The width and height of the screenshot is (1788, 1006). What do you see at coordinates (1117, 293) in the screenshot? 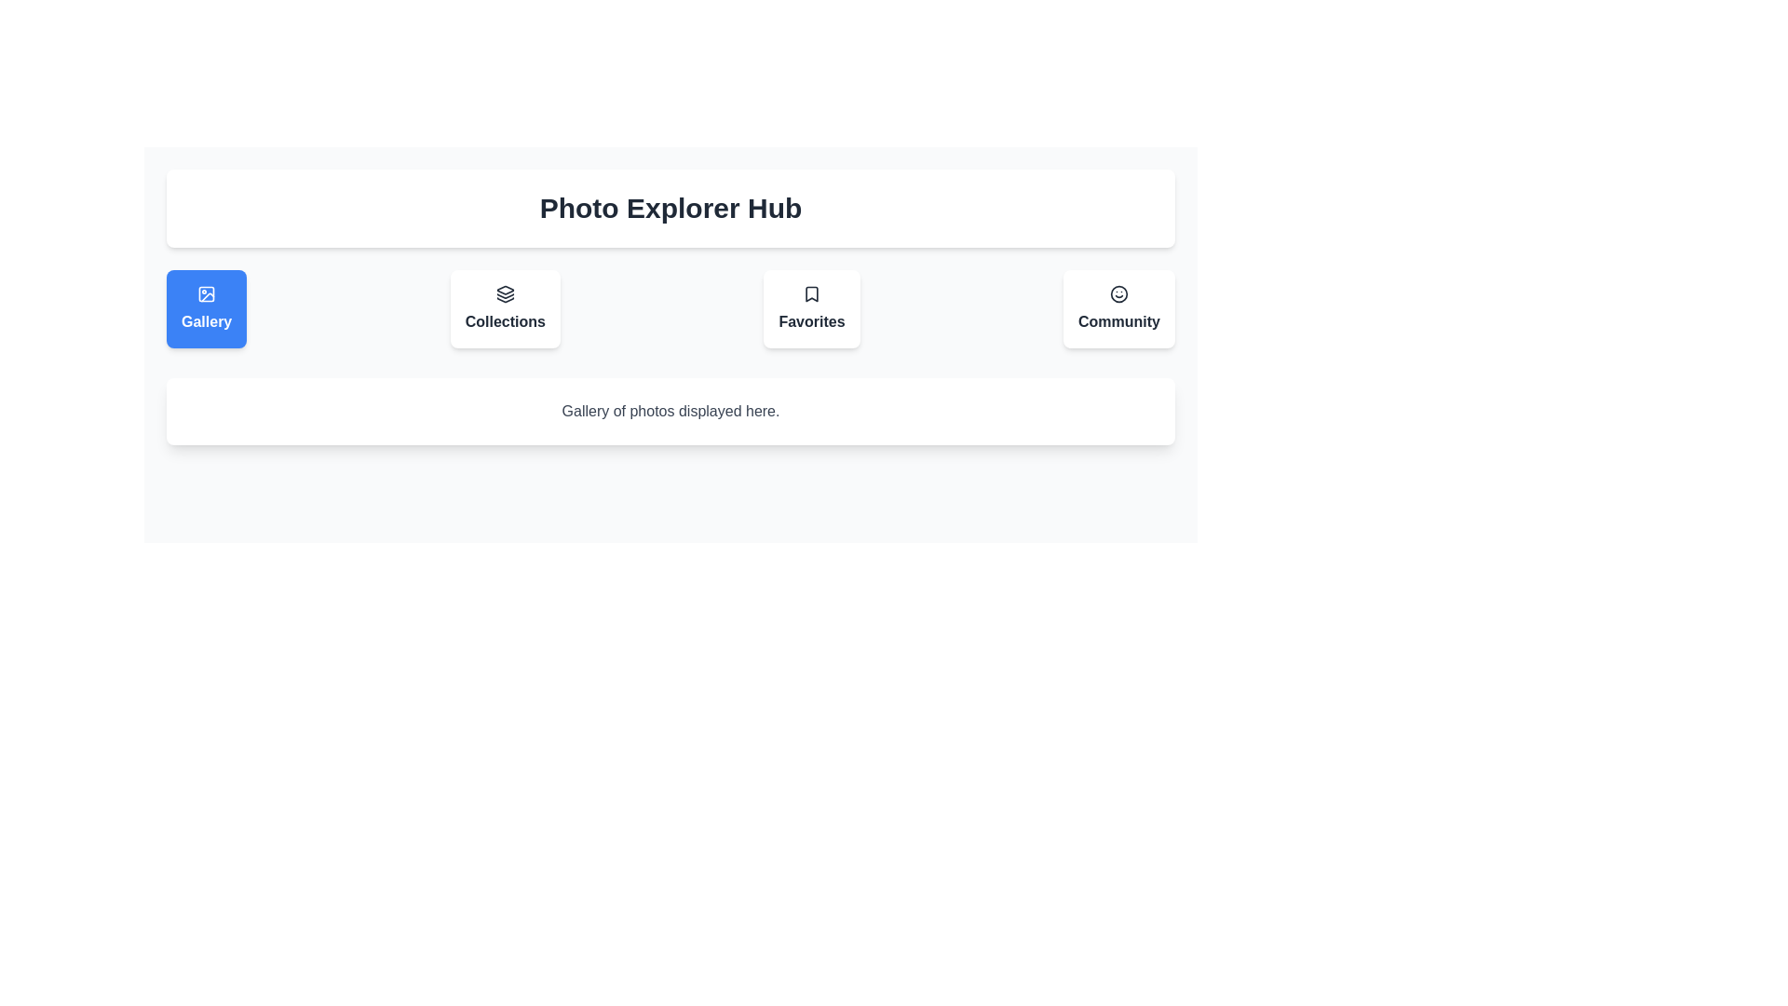
I see `the 'Community' button icon located at the top center of the button, which serves to identify this section` at bounding box center [1117, 293].